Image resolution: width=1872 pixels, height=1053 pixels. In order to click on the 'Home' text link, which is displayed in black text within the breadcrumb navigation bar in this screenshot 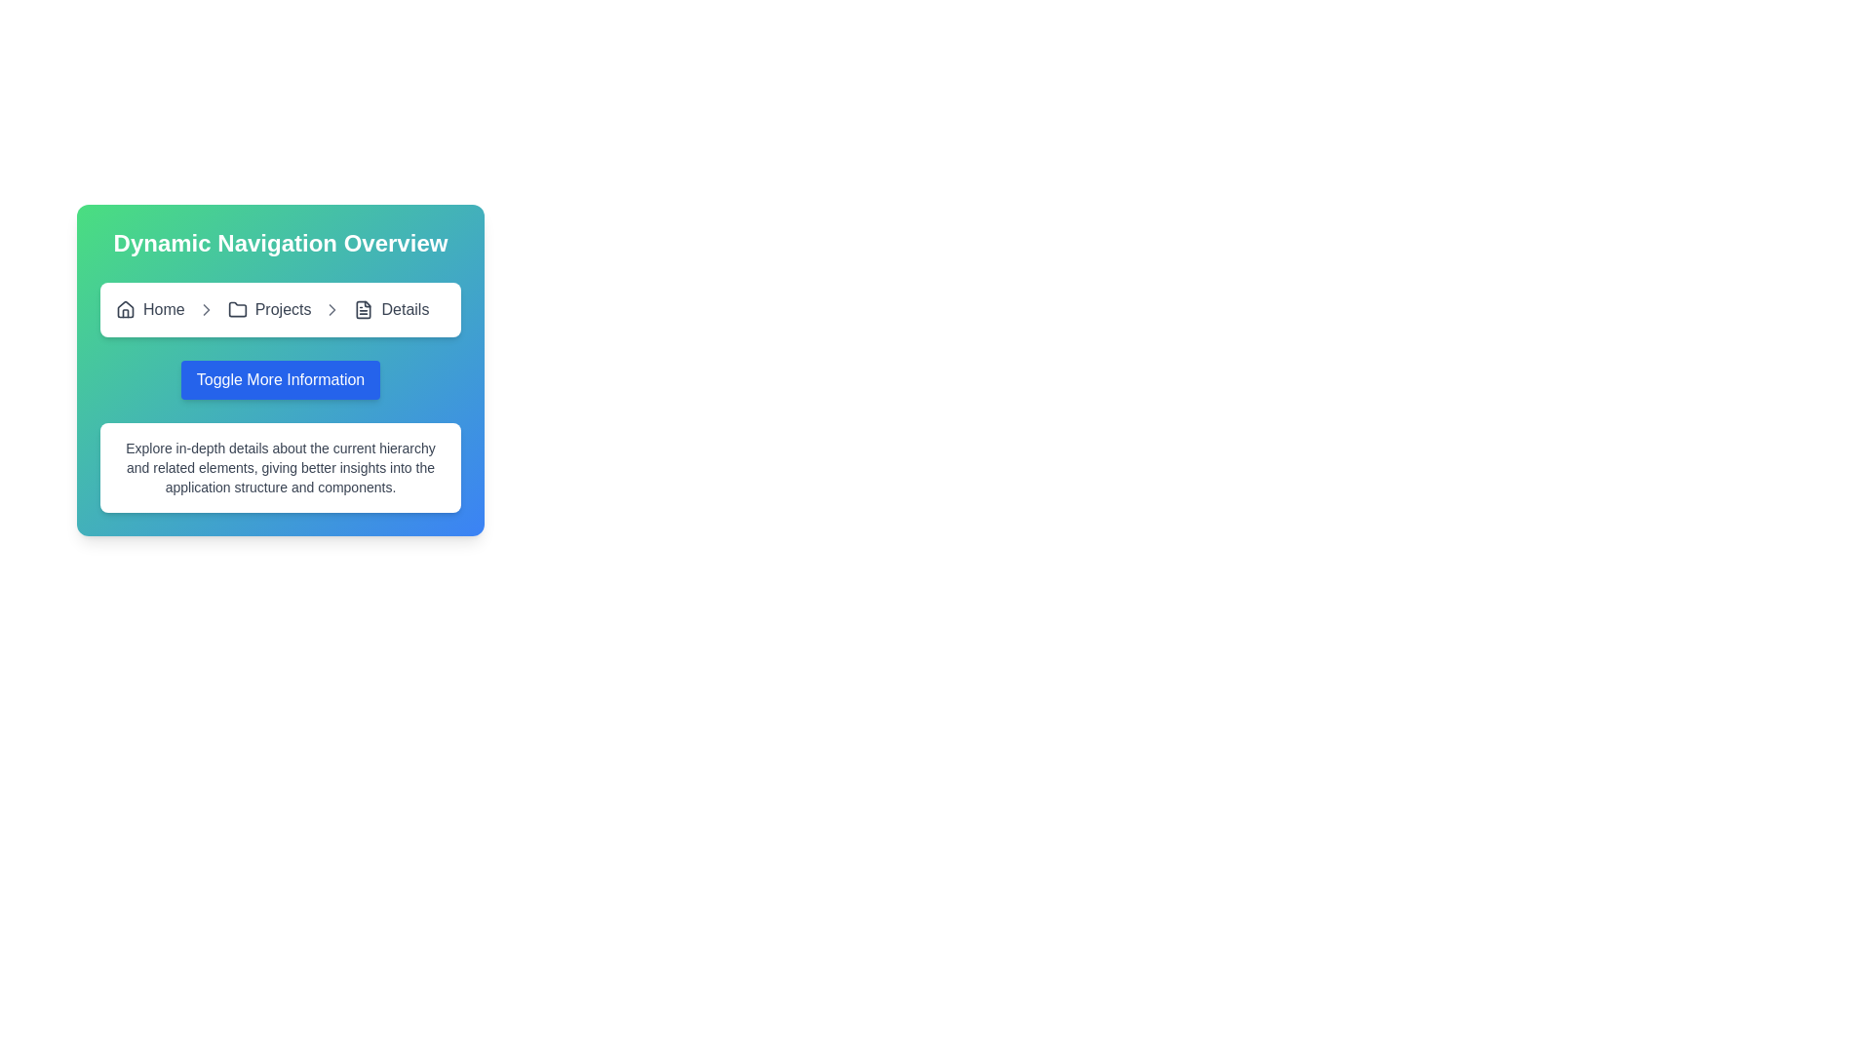, I will do `click(164, 308)`.